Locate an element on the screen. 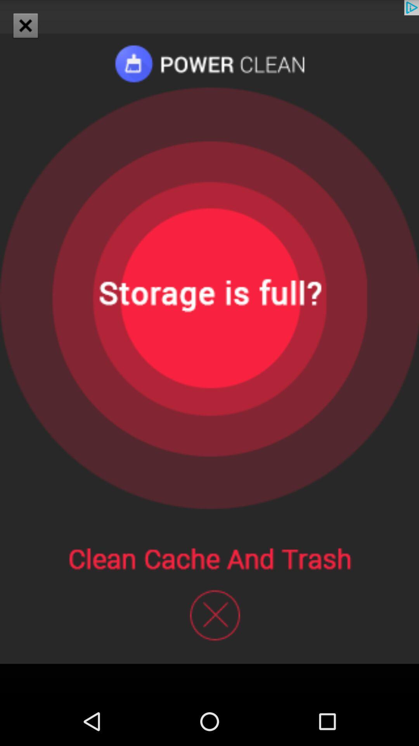  the close icon is located at coordinates (25, 27).